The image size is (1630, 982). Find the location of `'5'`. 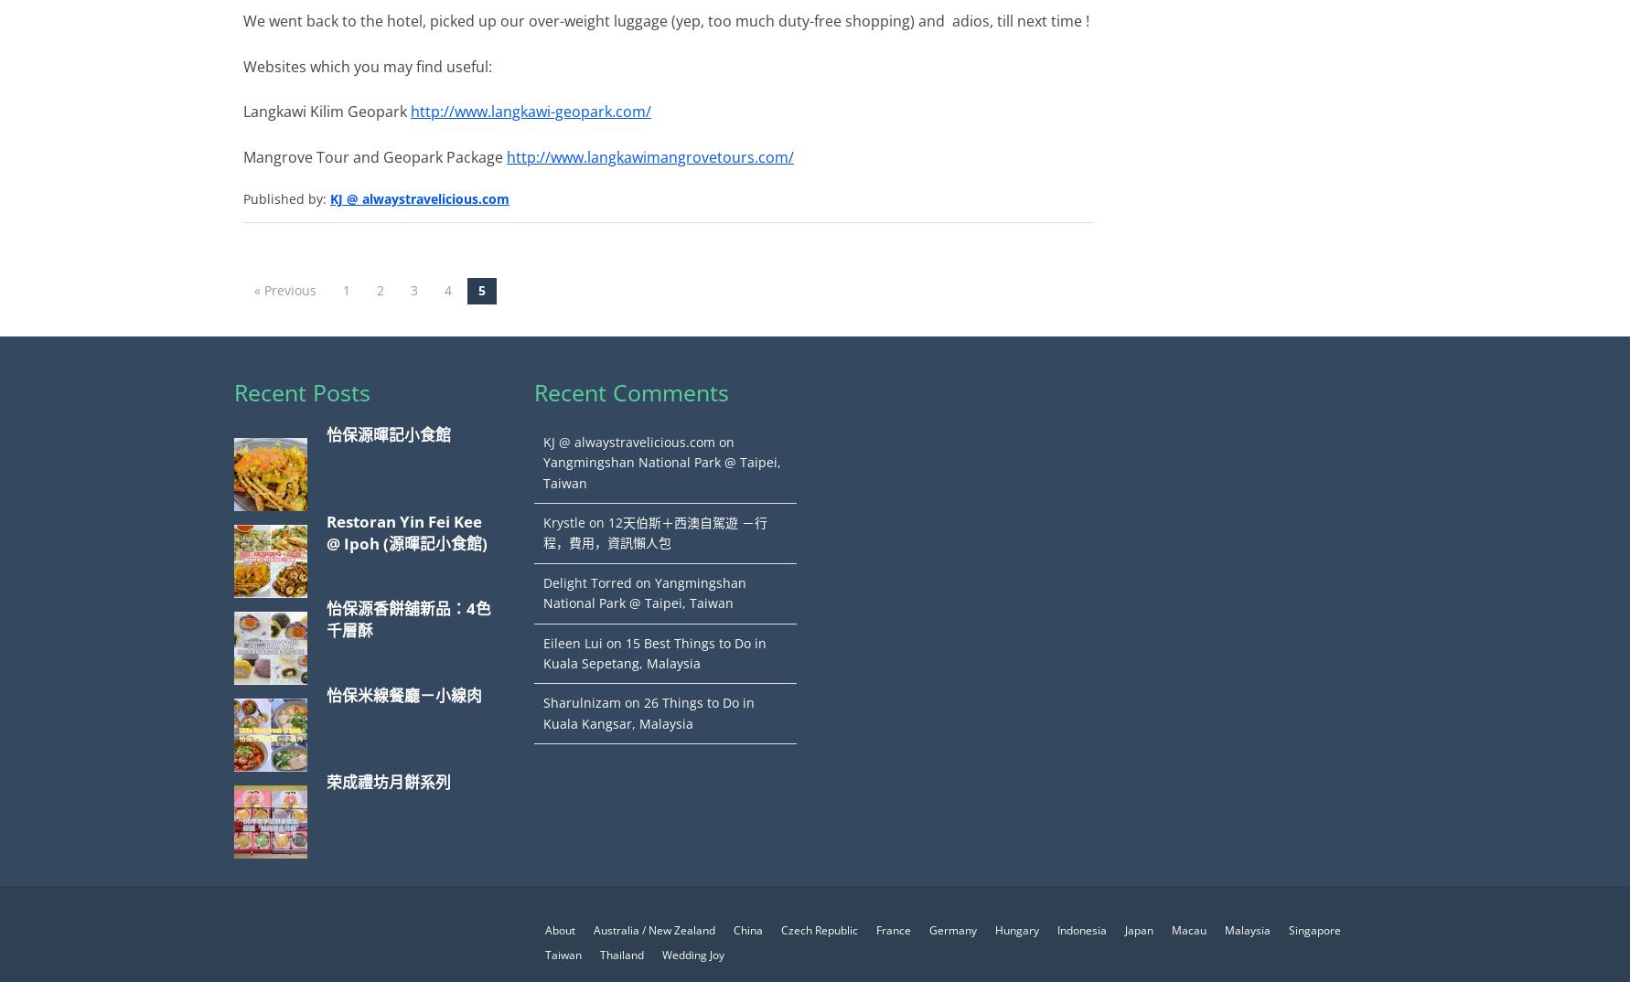

'5' is located at coordinates (477, 290).